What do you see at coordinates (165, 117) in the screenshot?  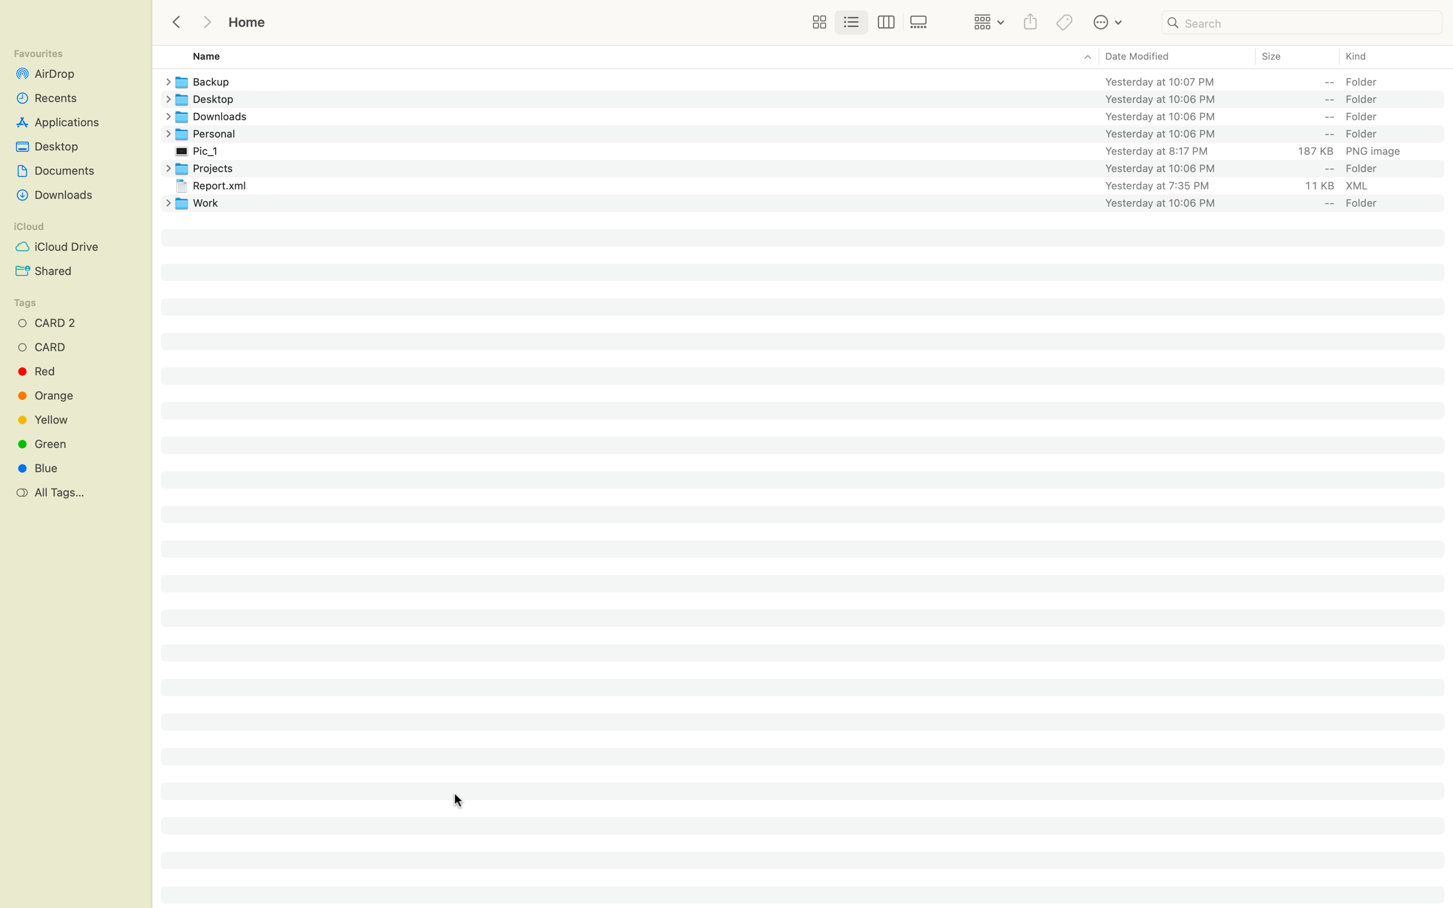 I see `Establish a new folder in the Downloads section of your computer` at bounding box center [165, 117].